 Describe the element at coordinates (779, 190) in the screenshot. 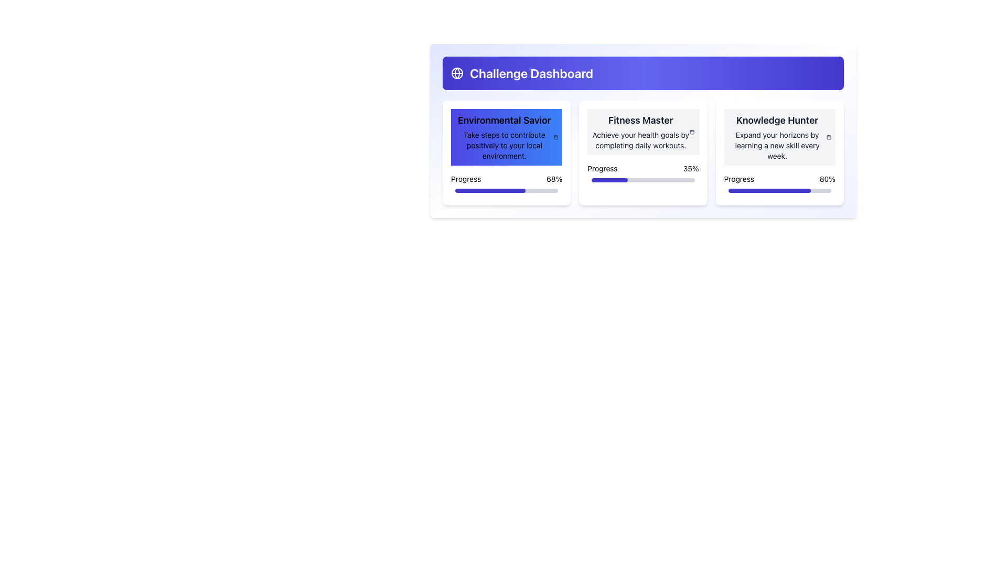

I see `the progress bar located in the 'Knowledge Hunter' section beneath the 'Progress' label, which shows an 80% completion level` at that location.